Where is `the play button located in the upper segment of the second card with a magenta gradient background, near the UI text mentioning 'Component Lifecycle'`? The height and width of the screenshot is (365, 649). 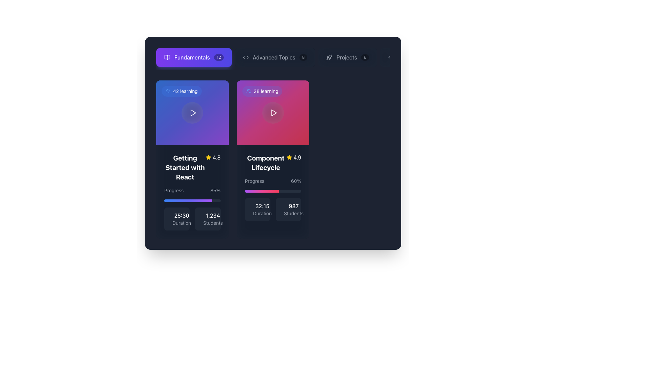 the play button located in the upper segment of the second card with a magenta gradient background, near the UI text mentioning 'Component Lifecycle' is located at coordinates (273, 113).